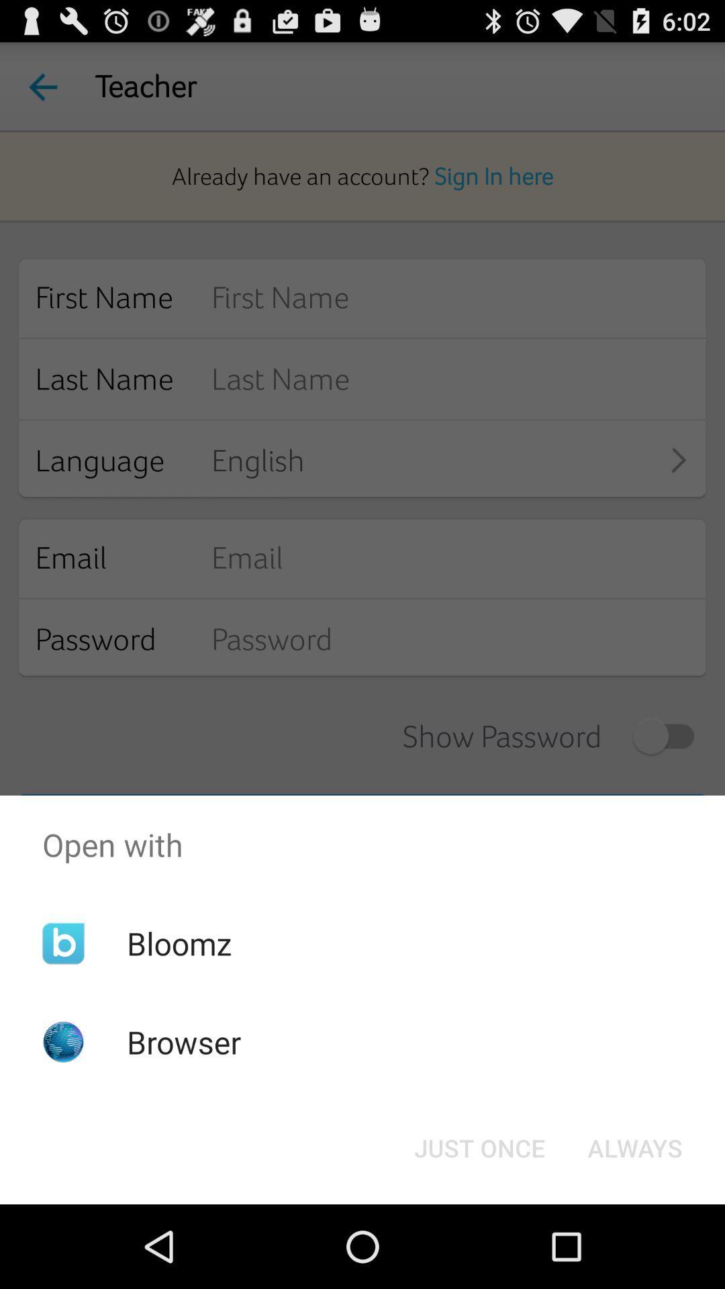 This screenshot has height=1289, width=725. I want to click on the bloomz app, so click(179, 943).